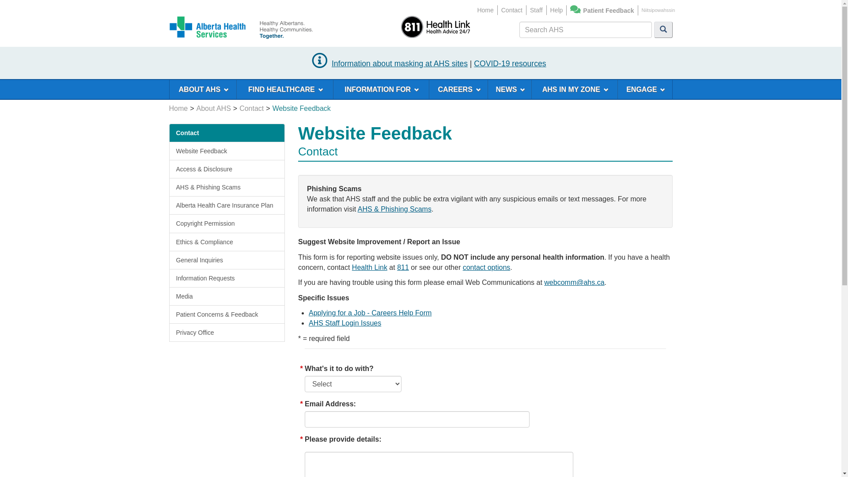  What do you see at coordinates (536, 10) in the screenshot?
I see `'Staff'` at bounding box center [536, 10].